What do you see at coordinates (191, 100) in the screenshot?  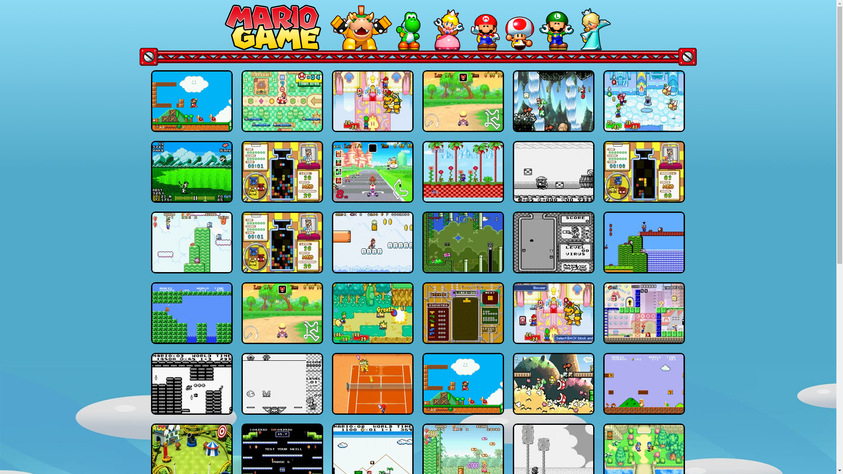 I see `'Super Mario World (Hack)'` at bounding box center [191, 100].